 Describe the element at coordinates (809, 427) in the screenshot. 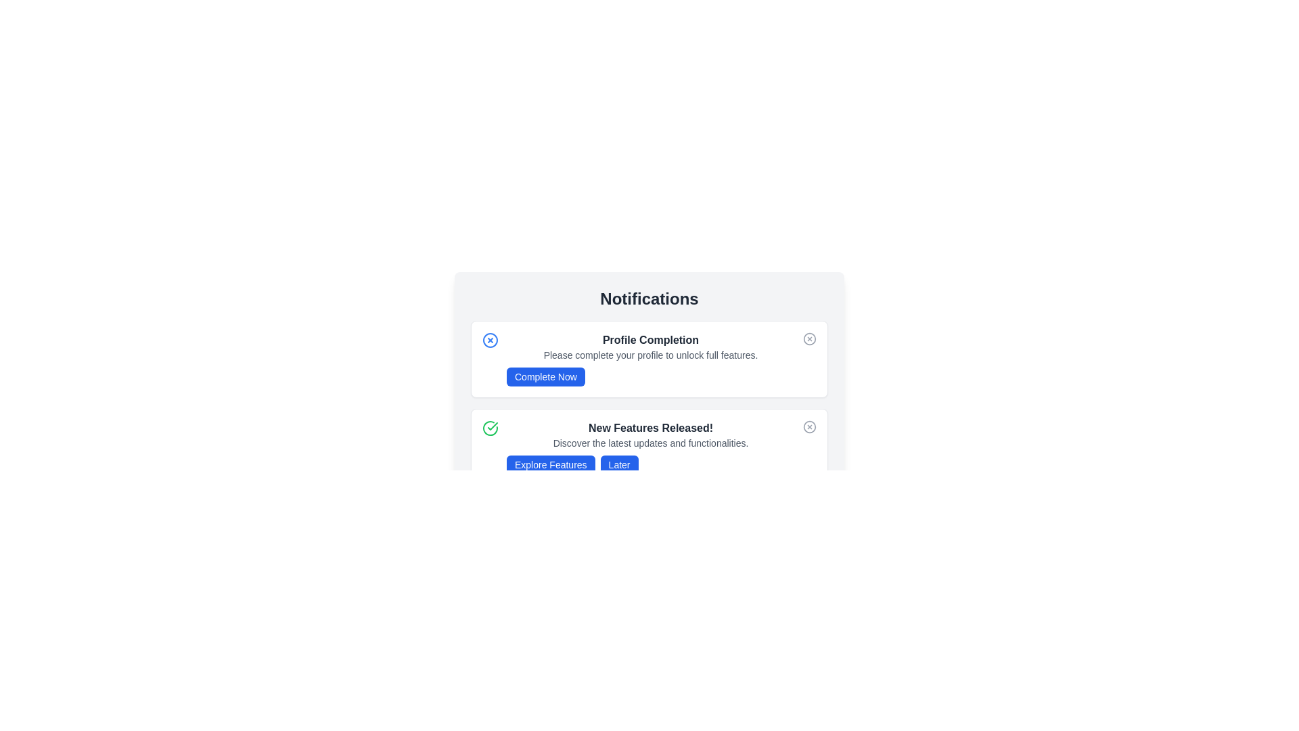

I see `the close button of the notification with title New Features Released!` at that location.